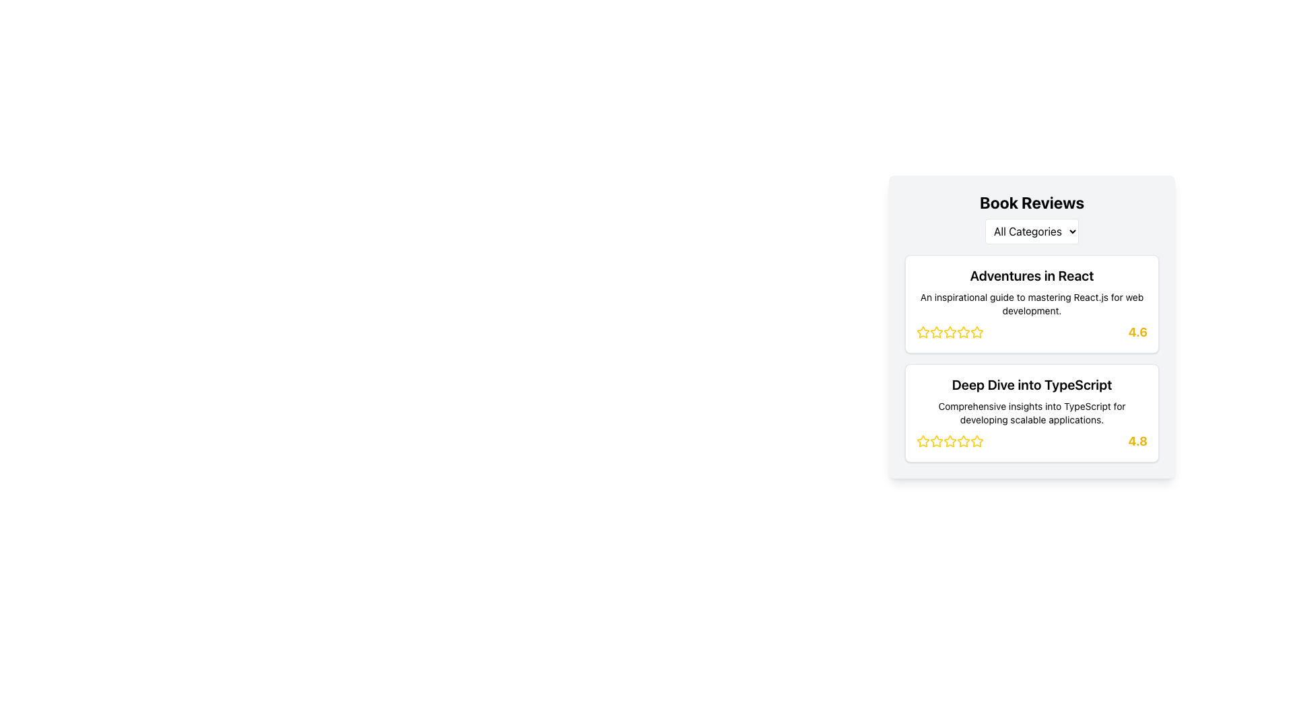 Image resolution: width=1293 pixels, height=727 pixels. I want to click on the fourth star in the rating bar of the 'Adventures in React' book review, so click(950, 332).